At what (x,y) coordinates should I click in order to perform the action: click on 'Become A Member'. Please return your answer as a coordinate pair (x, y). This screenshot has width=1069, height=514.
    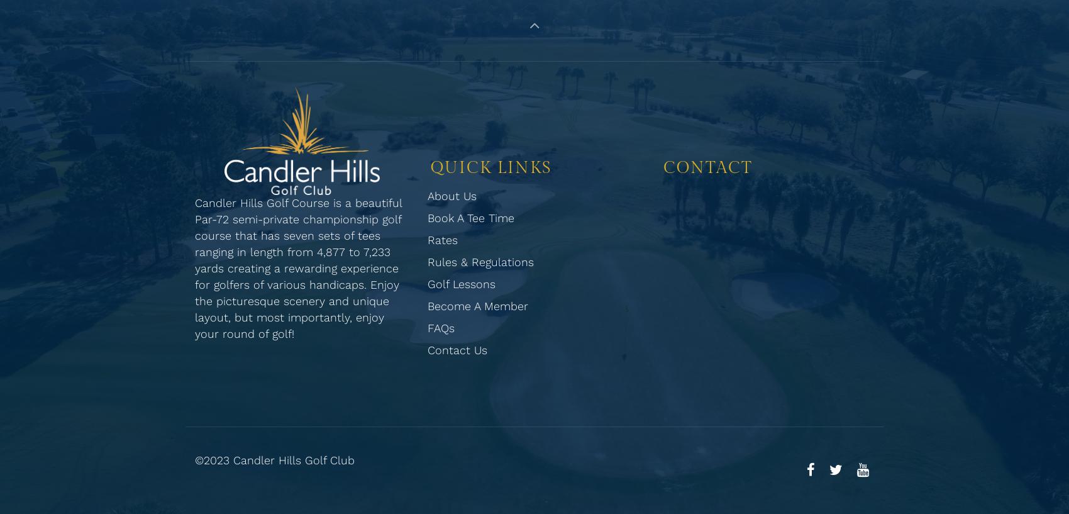
    Looking at the image, I should click on (477, 305).